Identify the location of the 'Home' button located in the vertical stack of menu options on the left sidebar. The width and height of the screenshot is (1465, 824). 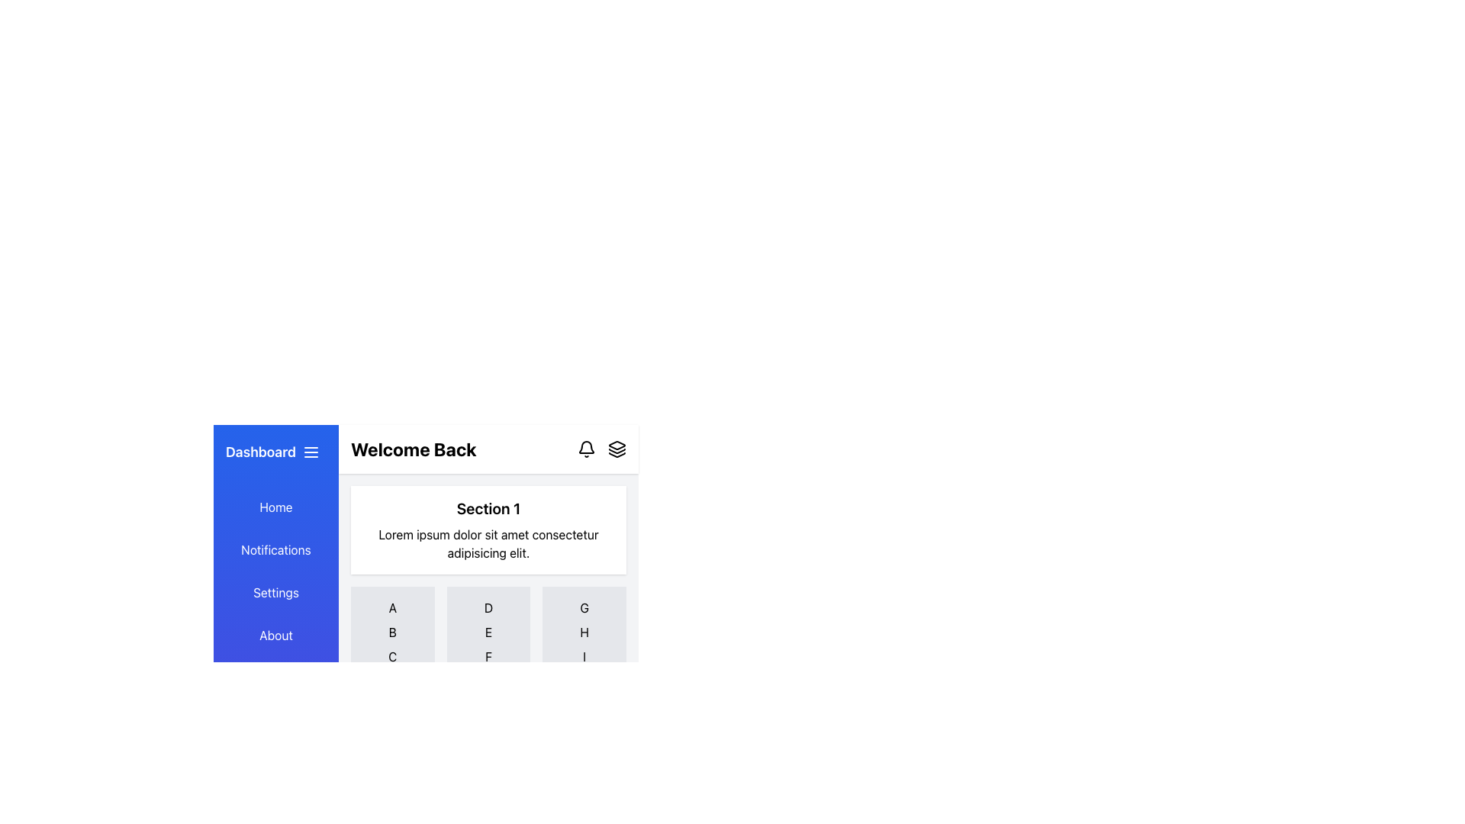
(275, 507).